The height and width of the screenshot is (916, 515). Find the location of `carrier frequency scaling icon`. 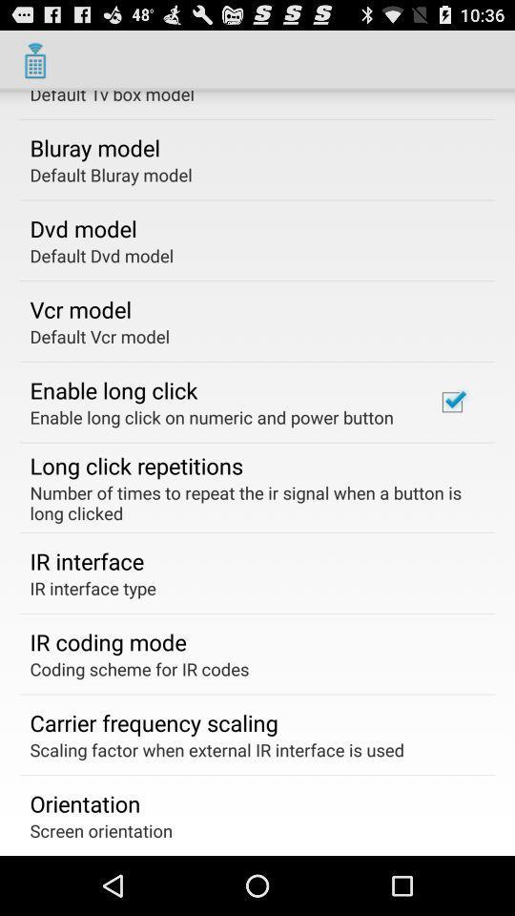

carrier frequency scaling icon is located at coordinates (153, 721).